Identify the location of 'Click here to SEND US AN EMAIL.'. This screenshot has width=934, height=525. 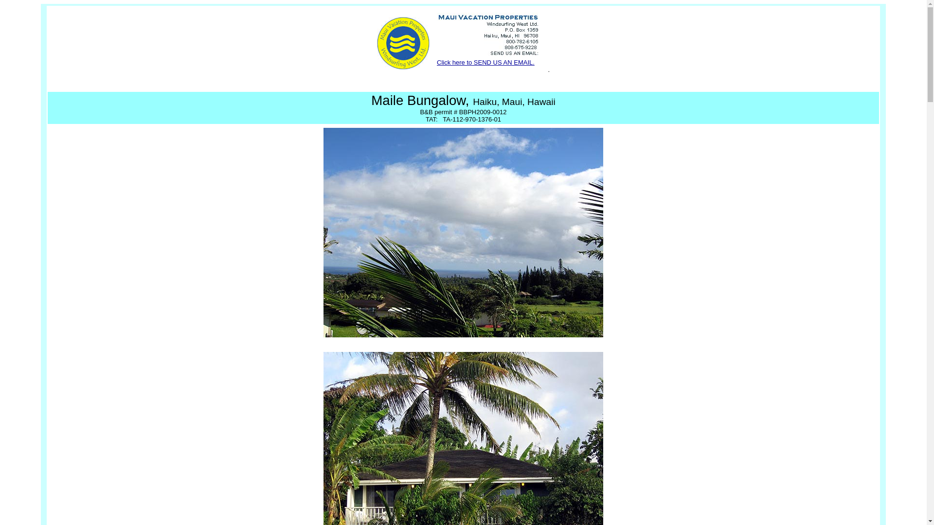
(436, 62).